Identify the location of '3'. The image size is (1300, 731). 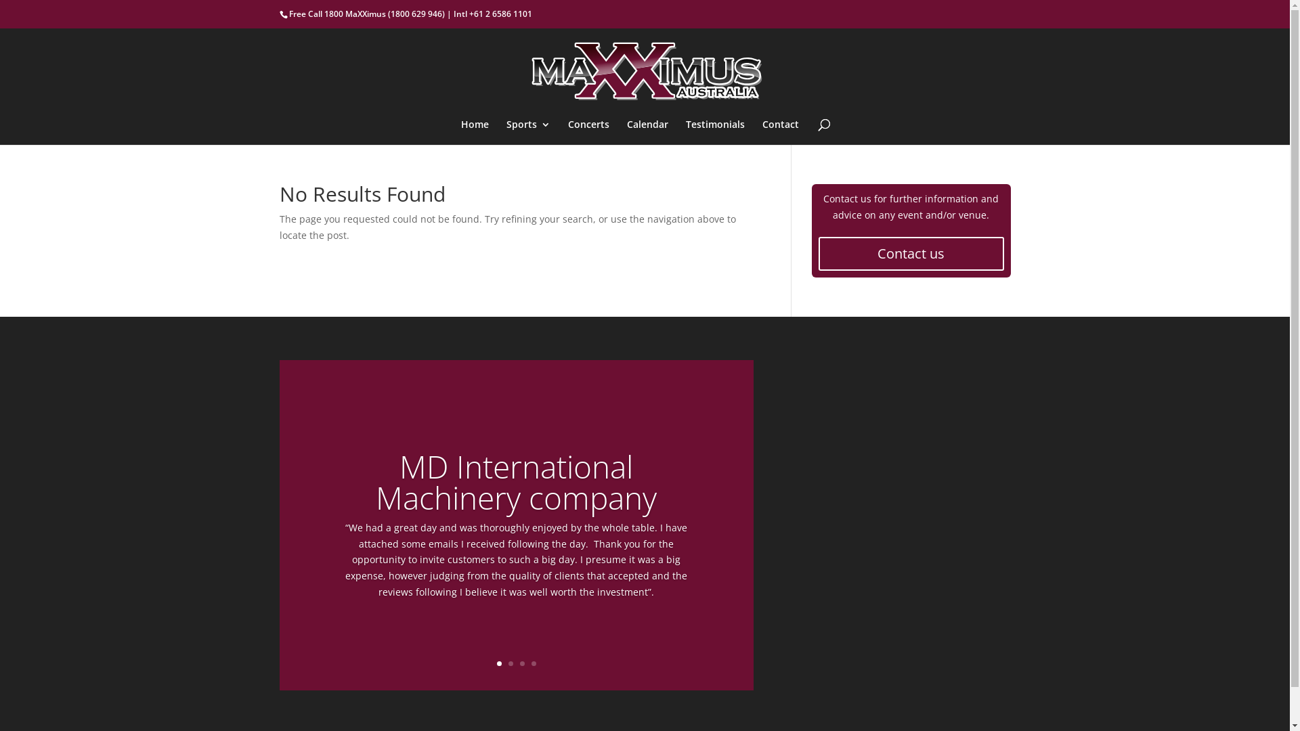
(521, 663).